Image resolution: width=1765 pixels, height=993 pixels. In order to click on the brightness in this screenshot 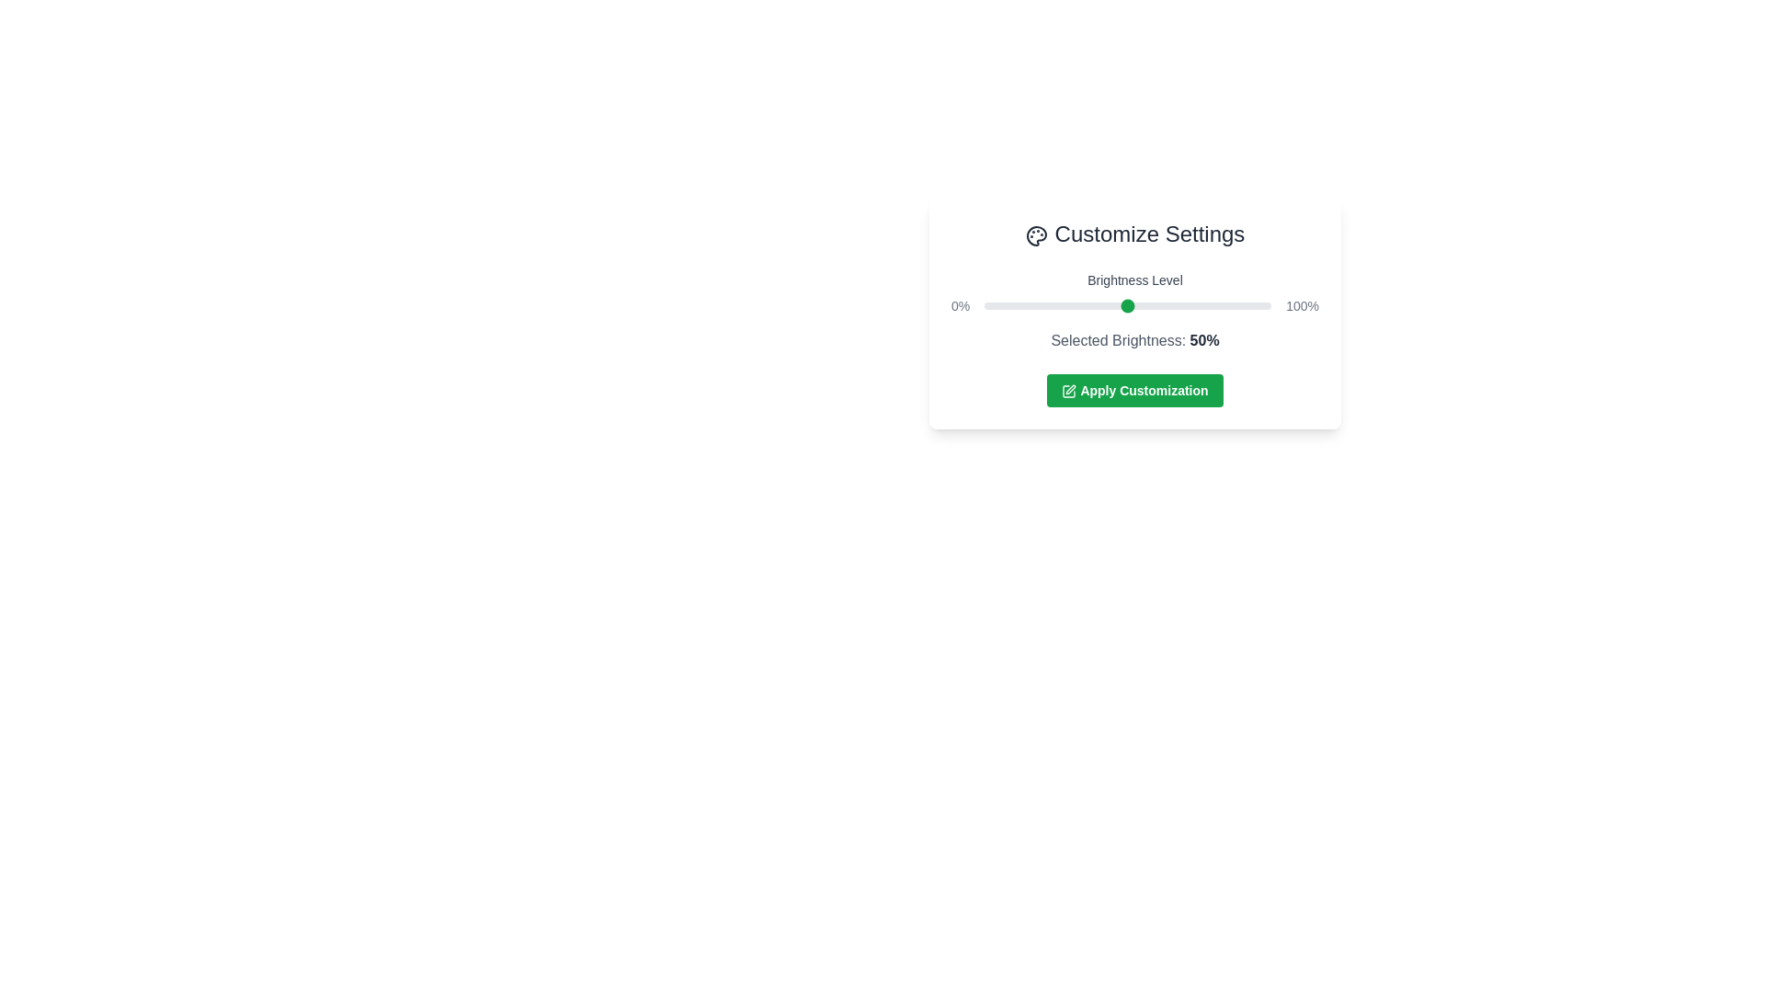, I will do `click(1076, 304)`.